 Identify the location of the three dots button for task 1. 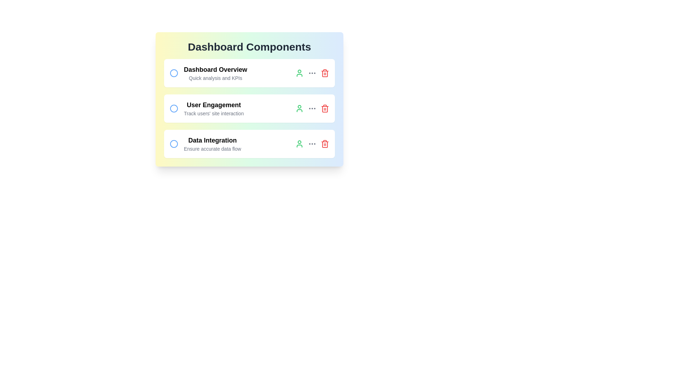
(312, 73).